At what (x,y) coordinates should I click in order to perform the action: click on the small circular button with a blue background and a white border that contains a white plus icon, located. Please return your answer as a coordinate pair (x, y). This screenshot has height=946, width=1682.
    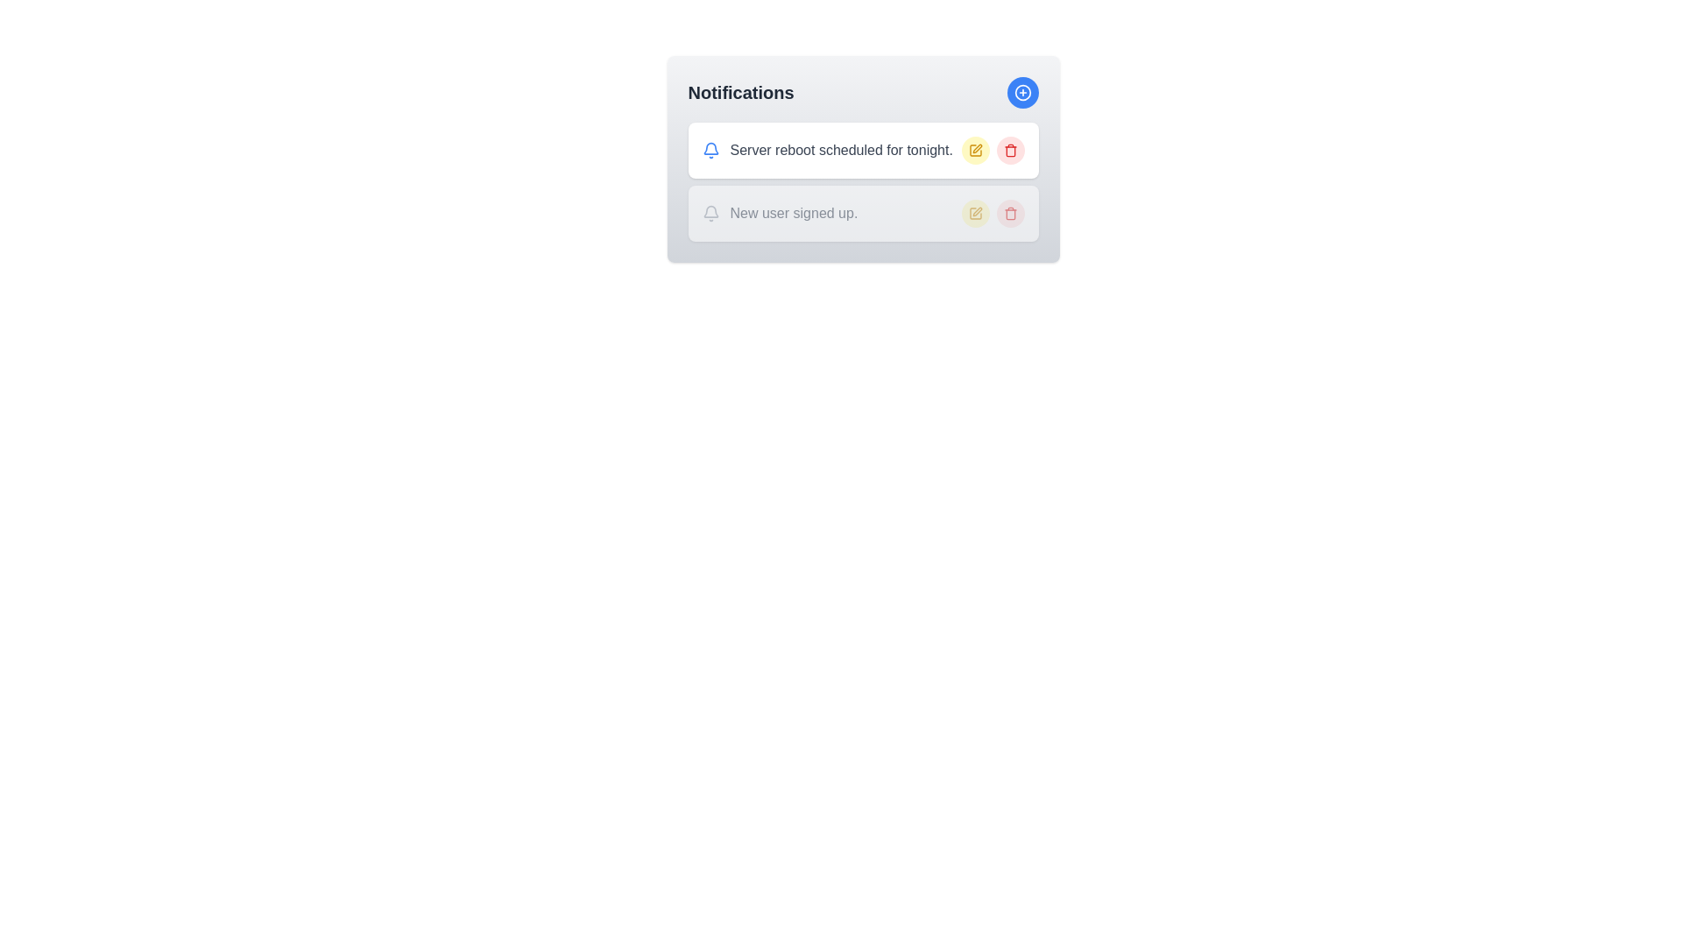
    Looking at the image, I should click on (1022, 92).